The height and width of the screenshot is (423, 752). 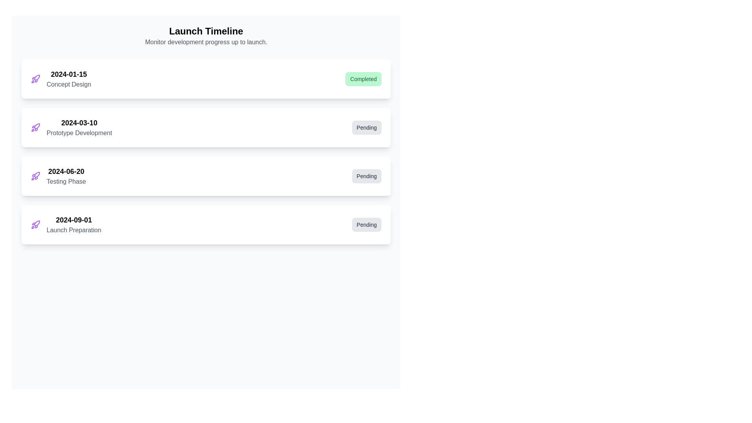 What do you see at coordinates (69, 74) in the screenshot?
I see `date text displayed as a label or heading in the first entry of the vertical timeline, located above 'Concept Design'` at bounding box center [69, 74].